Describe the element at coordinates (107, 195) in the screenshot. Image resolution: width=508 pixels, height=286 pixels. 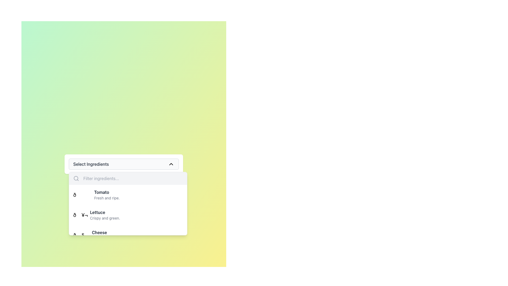
I see `the 'Tomato' text block within the dropdown menu` at that location.